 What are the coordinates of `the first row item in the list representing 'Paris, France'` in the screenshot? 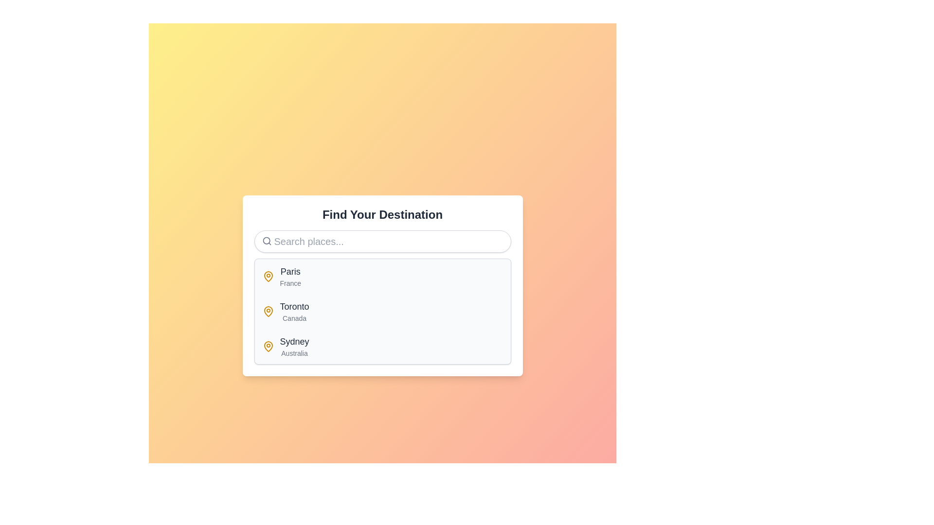 It's located at (382, 277).